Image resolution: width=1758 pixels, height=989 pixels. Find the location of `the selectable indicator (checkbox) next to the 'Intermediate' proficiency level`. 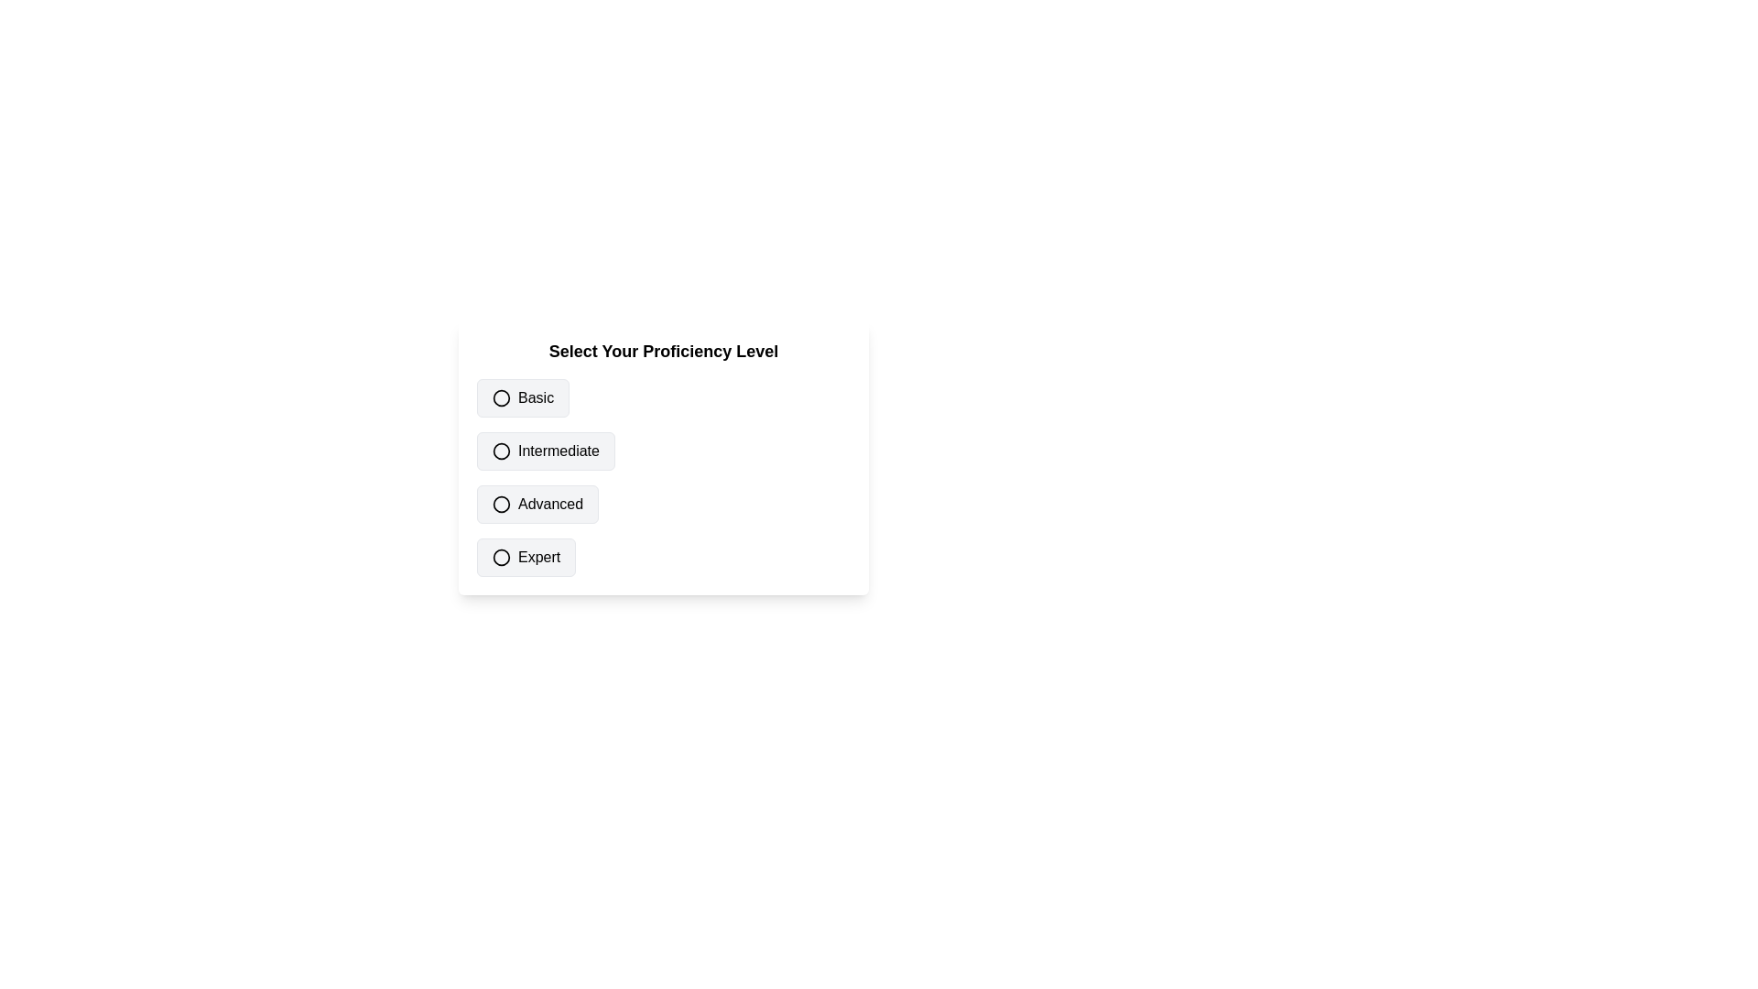

the selectable indicator (checkbox) next to the 'Intermediate' proficiency level is located at coordinates (501, 451).